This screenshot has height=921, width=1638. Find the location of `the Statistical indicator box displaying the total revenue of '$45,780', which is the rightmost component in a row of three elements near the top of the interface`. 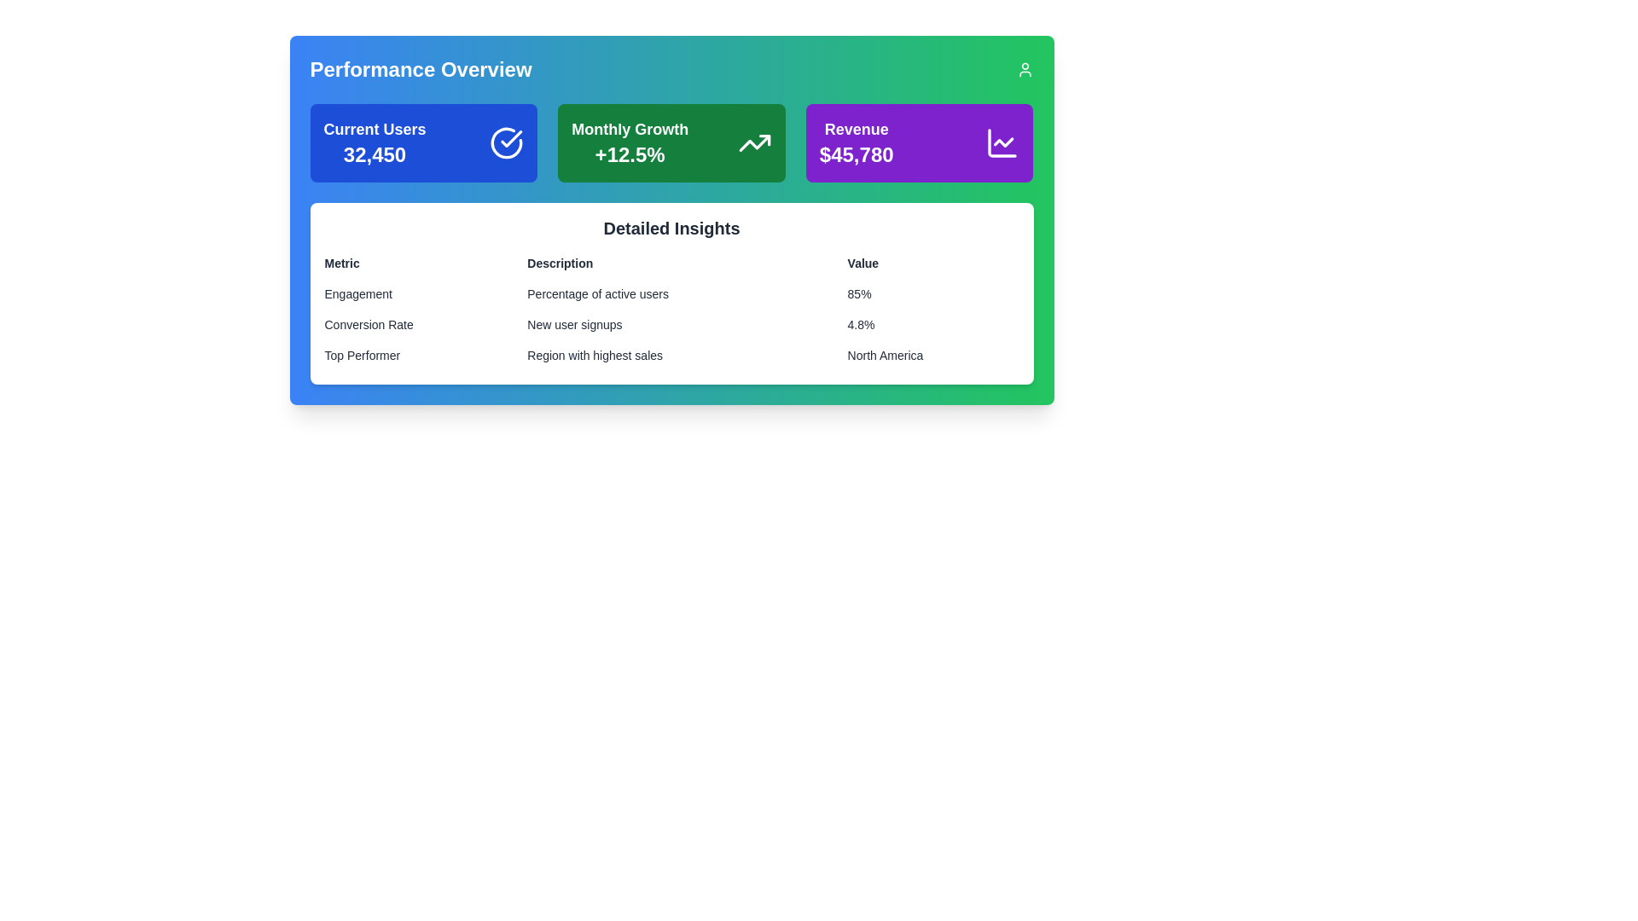

the Statistical indicator box displaying the total revenue of '$45,780', which is the rightmost component in a row of three elements near the top of the interface is located at coordinates (857, 142).